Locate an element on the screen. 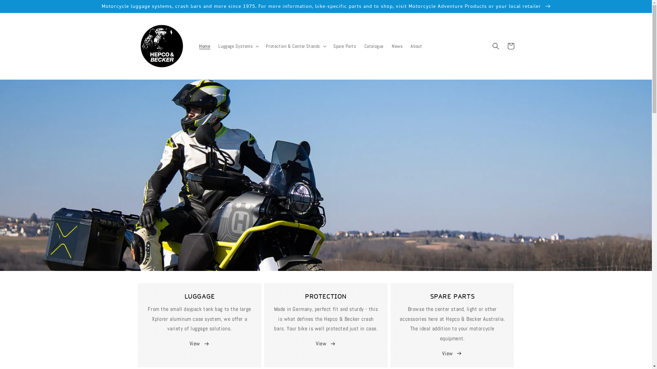  'Home' is located at coordinates (204, 46).